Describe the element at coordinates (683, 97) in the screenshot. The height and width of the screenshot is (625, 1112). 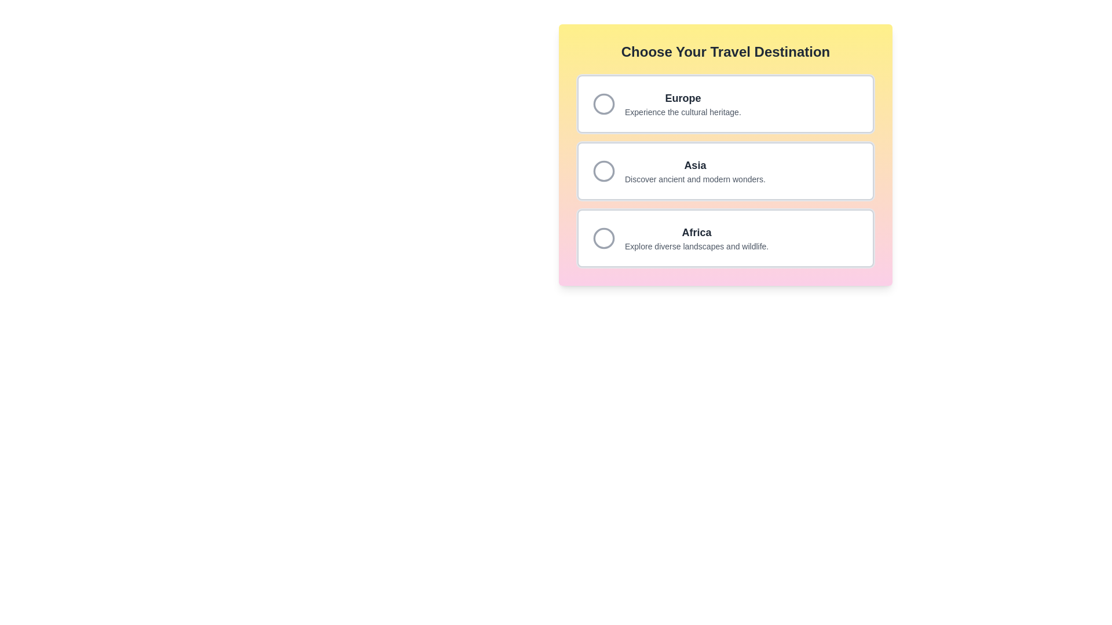
I see `the bold textual label displaying 'Europe' located at the top-left of the first card in a vertically stacked list of options` at that location.